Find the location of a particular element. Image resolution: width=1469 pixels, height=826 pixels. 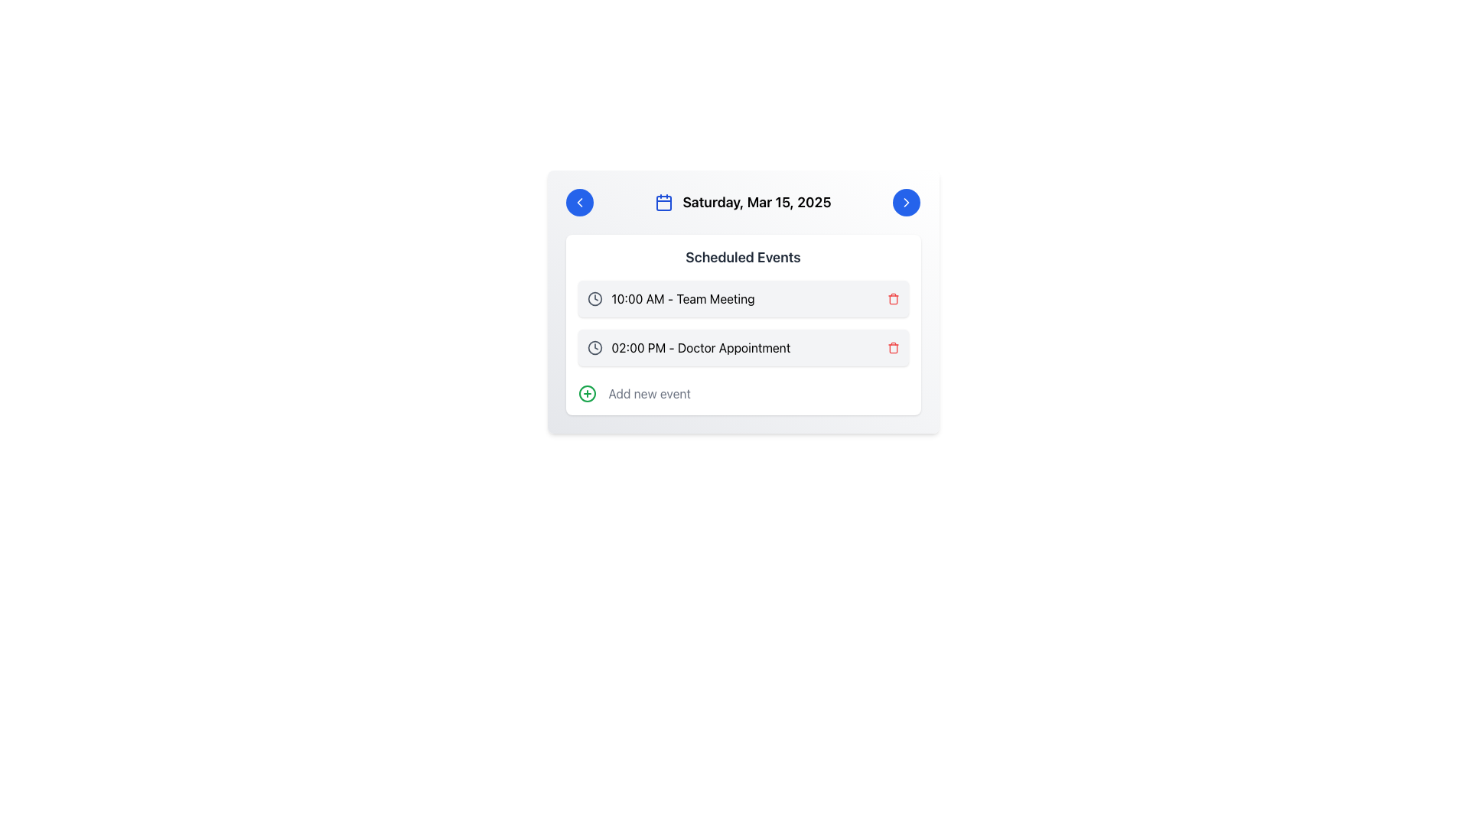

the grey clock icon located to the left of the '10:00 AM - Team Meeting' text in the 'Scheduled Events' section is located at coordinates (594, 298).